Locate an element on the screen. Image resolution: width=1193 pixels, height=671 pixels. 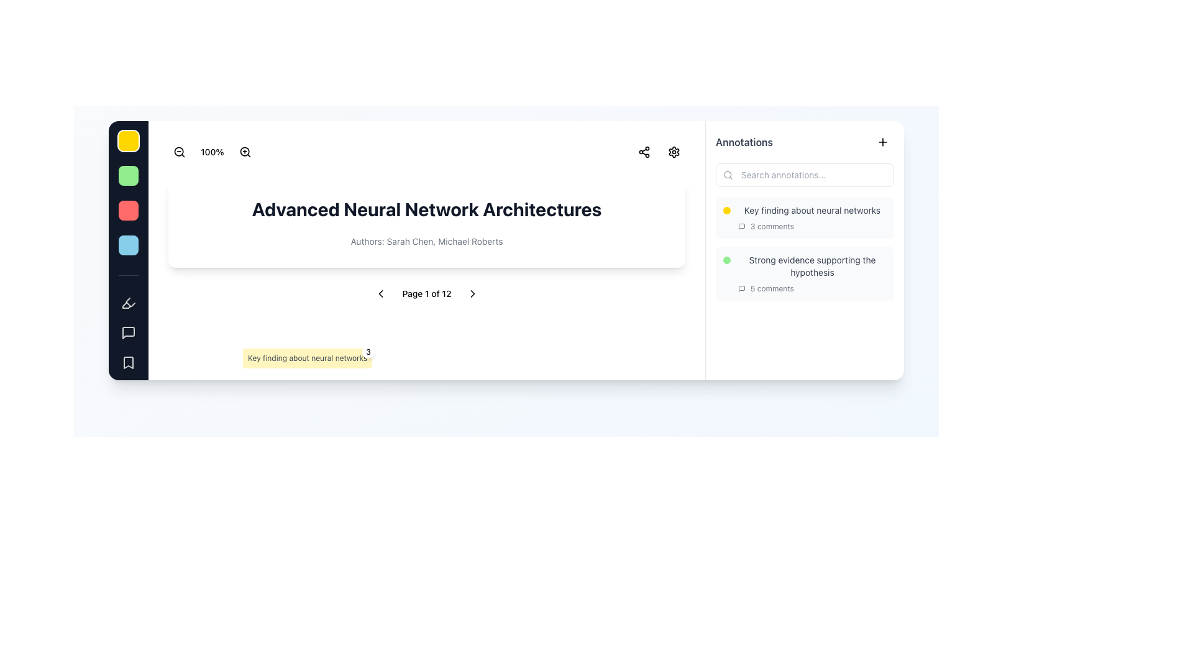
the '3 comments' link in the annotation entry titled 'Key finding about neural networks' is located at coordinates (812, 217).